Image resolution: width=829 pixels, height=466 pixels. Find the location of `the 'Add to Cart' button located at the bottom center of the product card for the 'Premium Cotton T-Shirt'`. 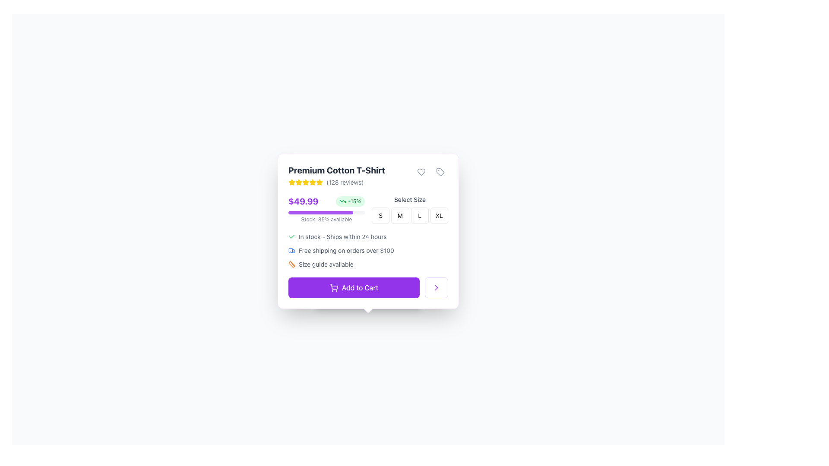

the 'Add to Cart' button located at the bottom center of the product card for the 'Premium Cotton T-Shirt' is located at coordinates (368, 288).